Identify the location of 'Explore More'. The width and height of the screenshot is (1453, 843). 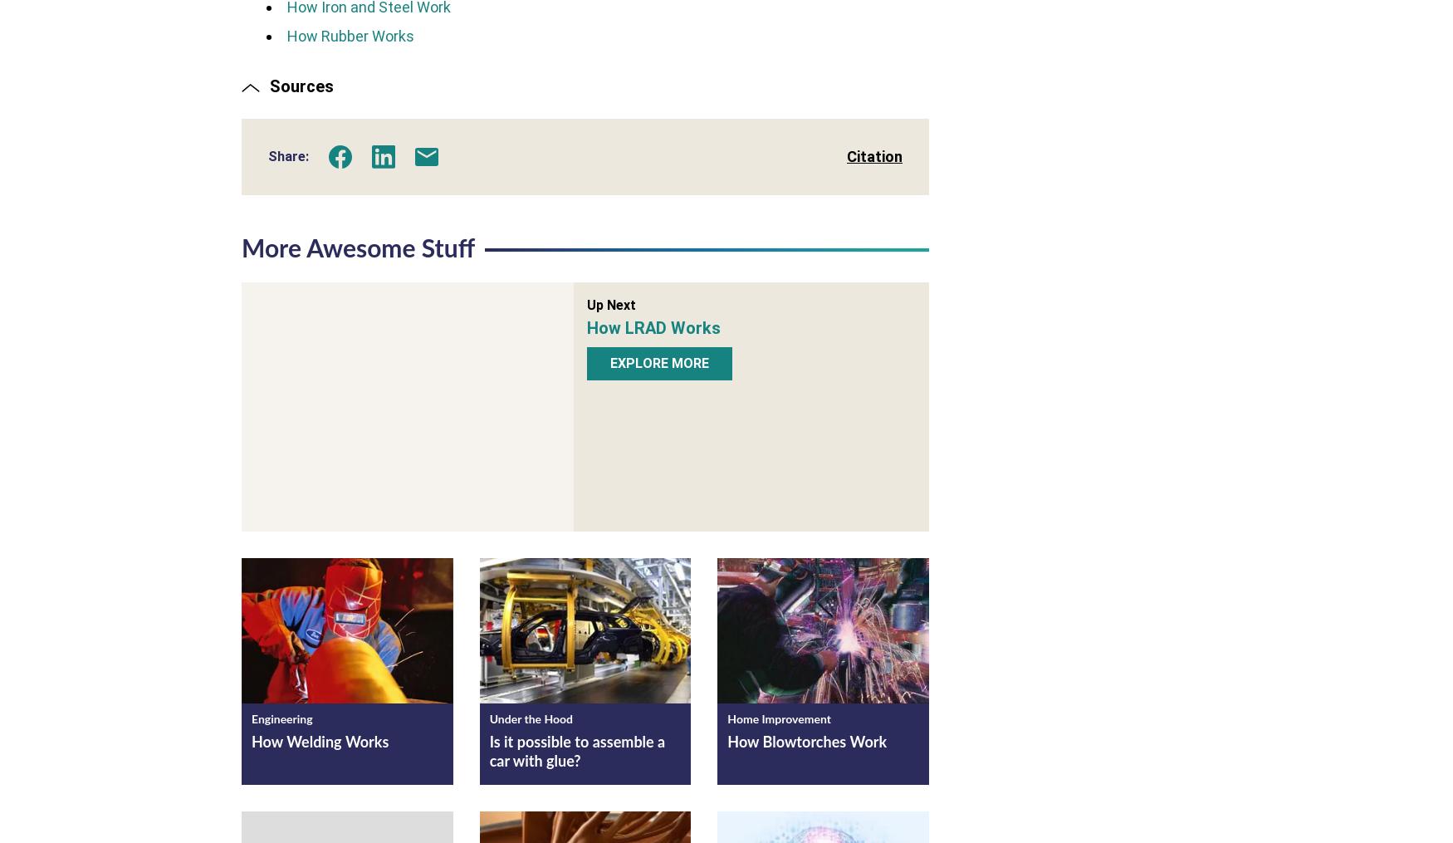
(658, 361).